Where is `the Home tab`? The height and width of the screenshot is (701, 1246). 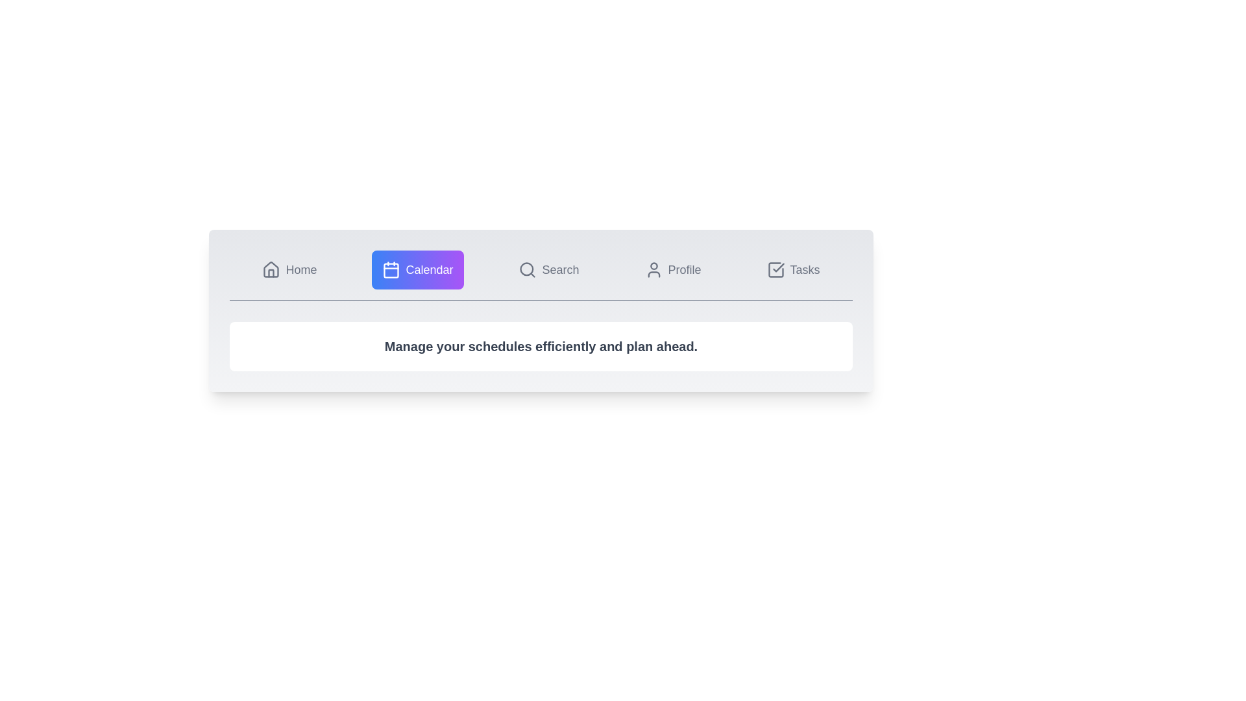 the Home tab is located at coordinates (289, 269).